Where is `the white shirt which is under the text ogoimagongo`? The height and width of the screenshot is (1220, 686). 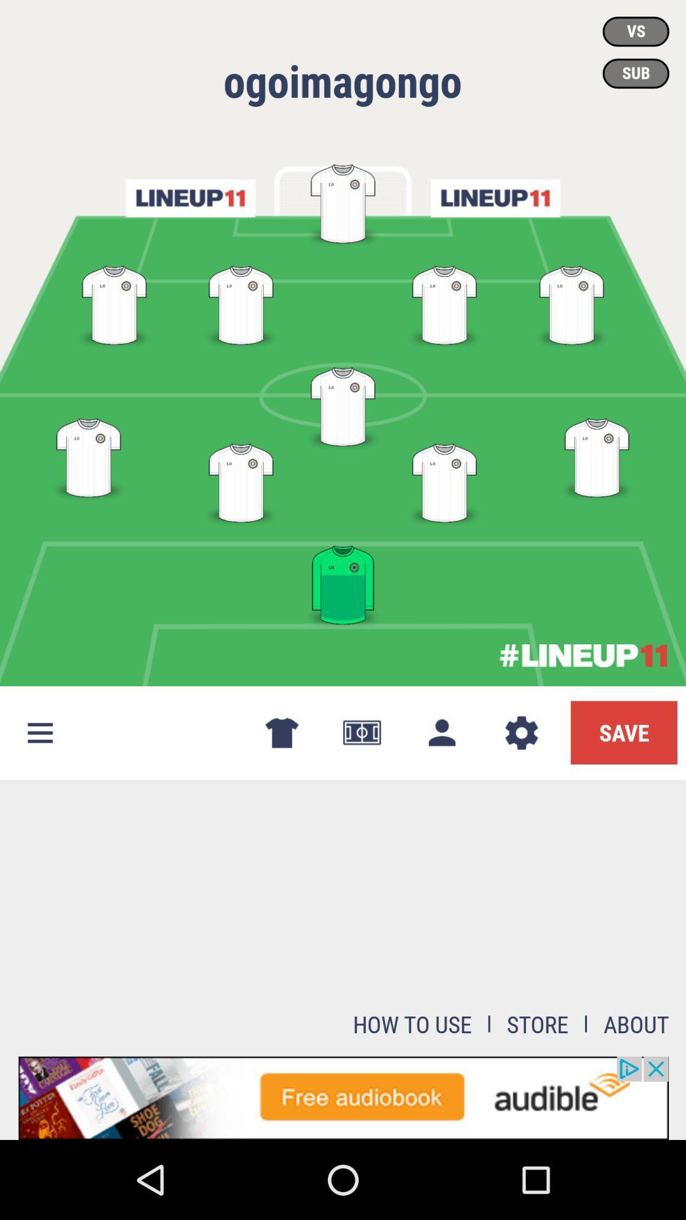 the white shirt which is under the text ogoimagongo is located at coordinates (343, 201).